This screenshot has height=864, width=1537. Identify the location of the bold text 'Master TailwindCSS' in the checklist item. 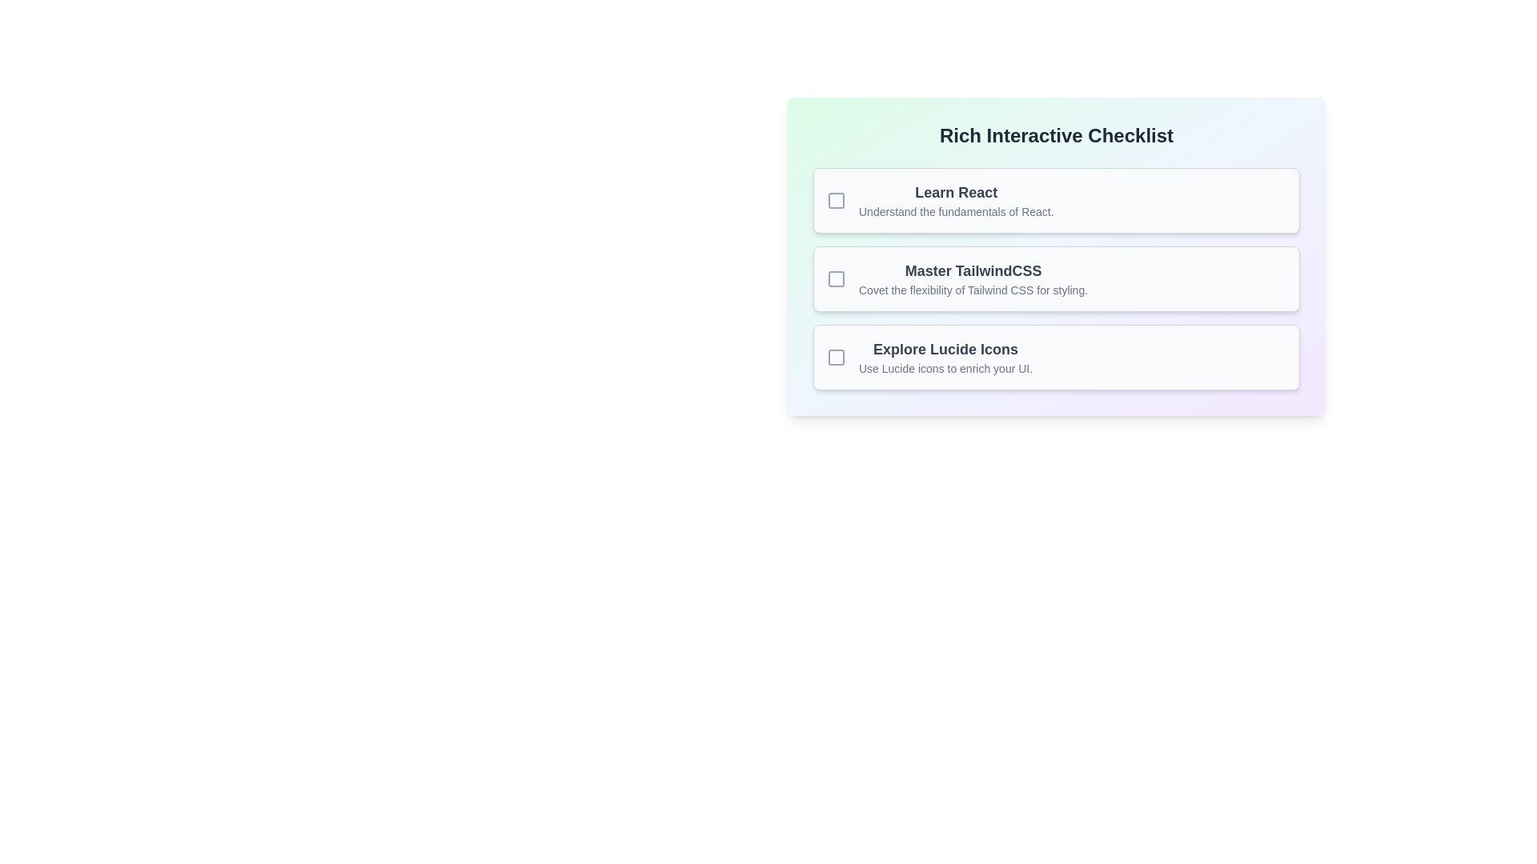
(1057, 278).